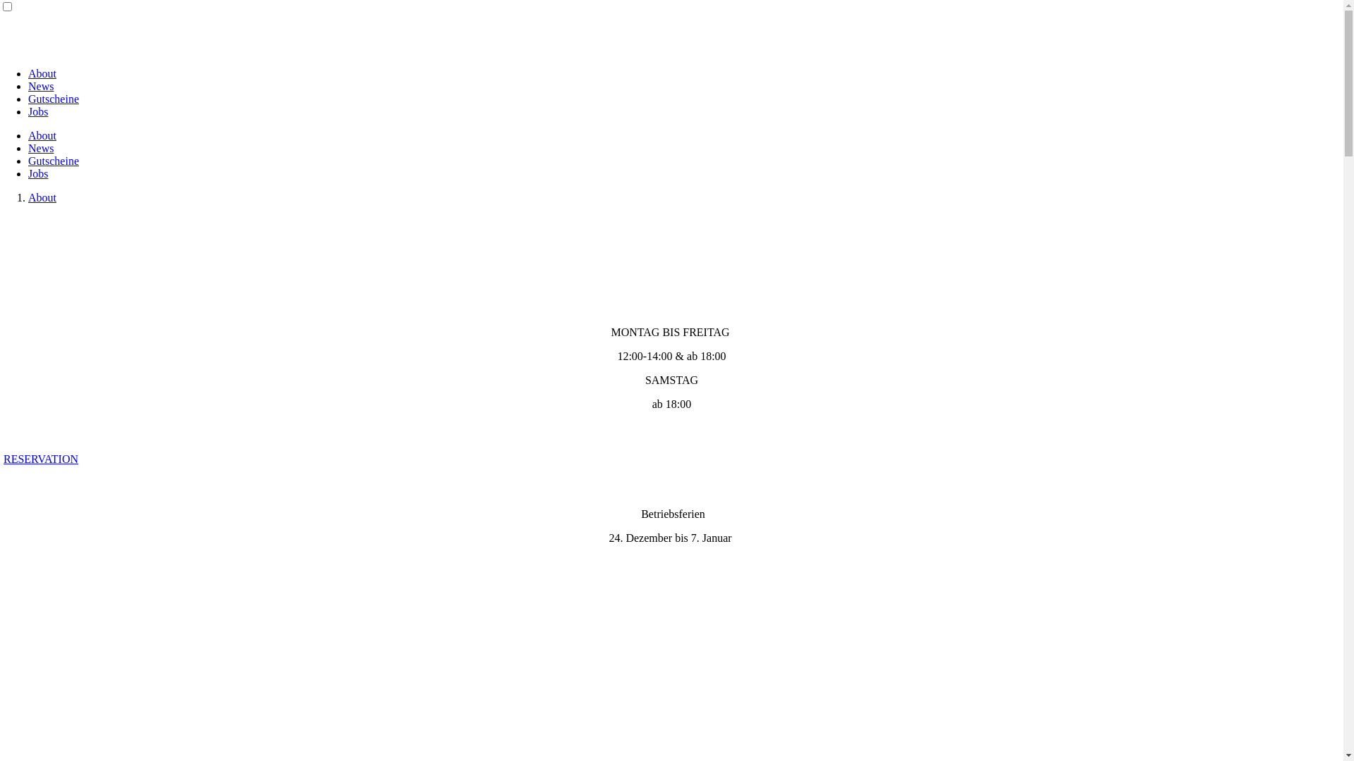 This screenshot has width=1354, height=761. Describe the element at coordinates (28, 197) in the screenshot. I see `'About'` at that location.